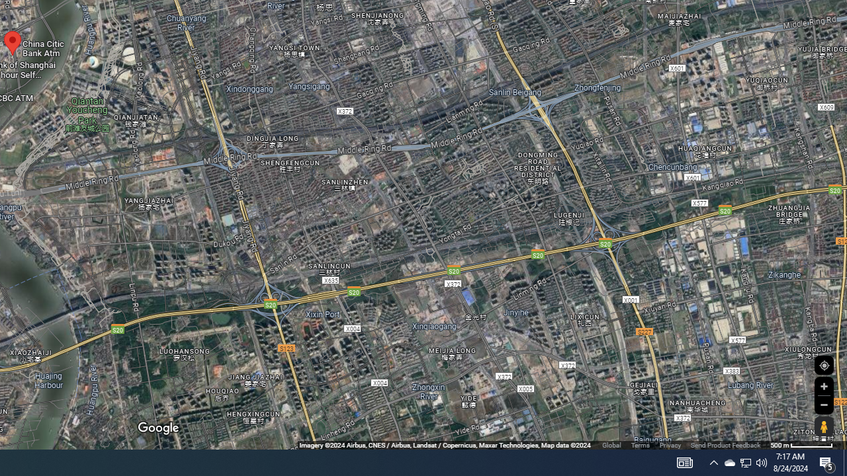  Describe the element at coordinates (823, 404) in the screenshot. I see `'Zoom out'` at that location.